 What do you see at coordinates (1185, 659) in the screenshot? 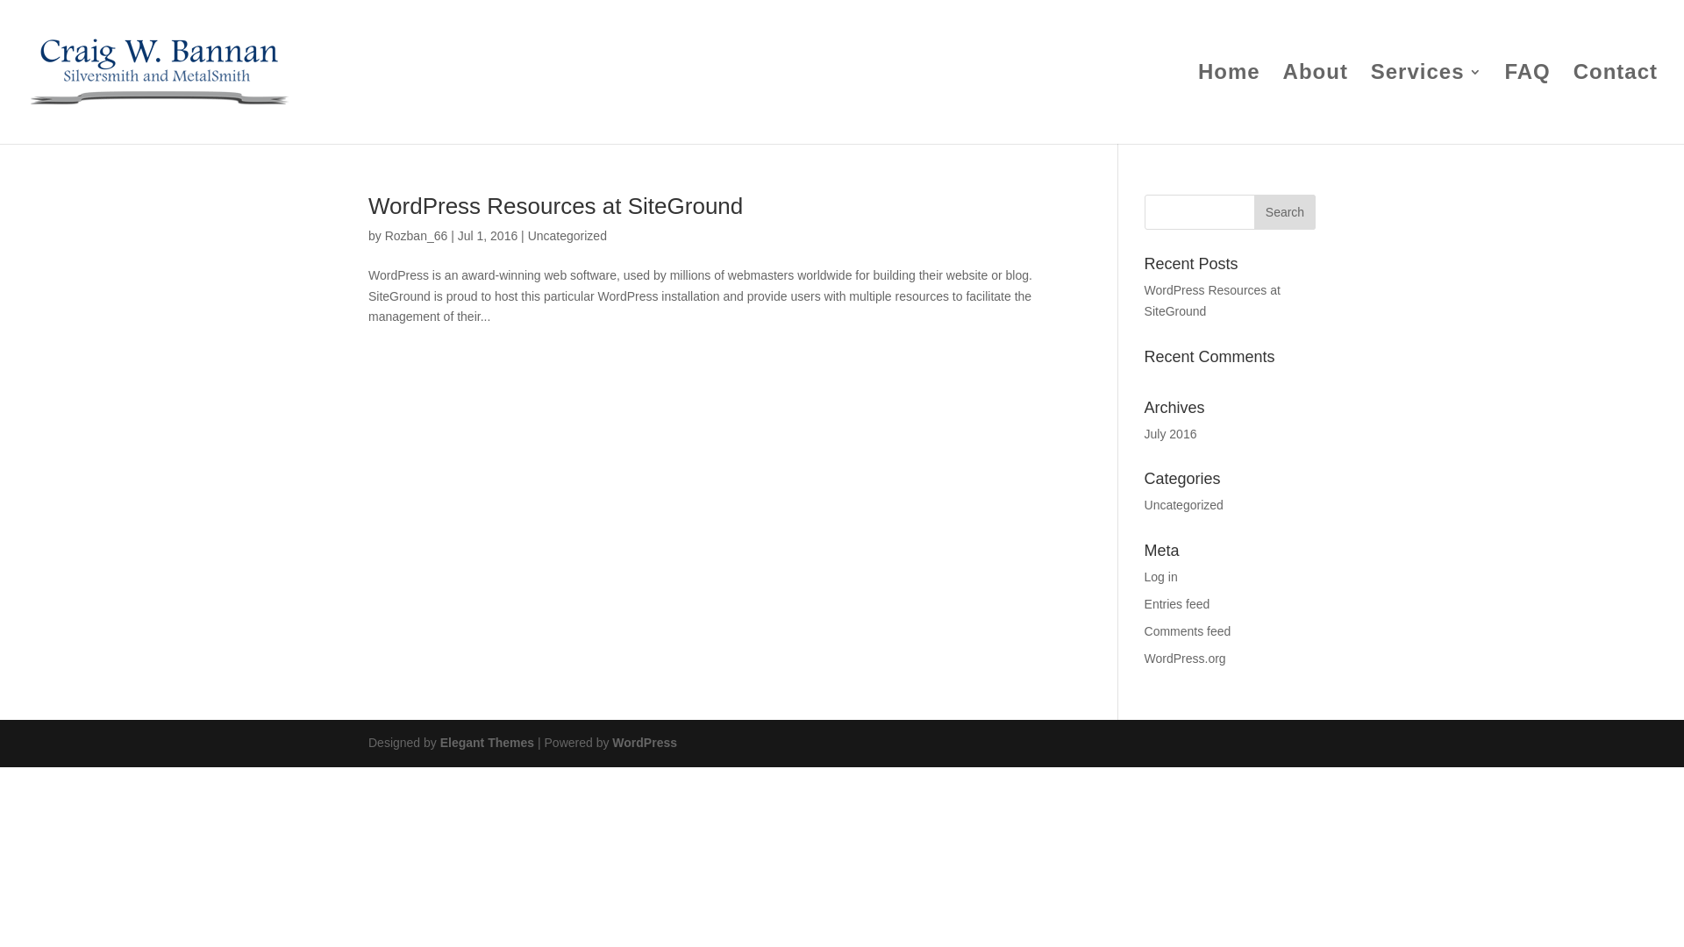
I see `'WordPress.org'` at bounding box center [1185, 659].